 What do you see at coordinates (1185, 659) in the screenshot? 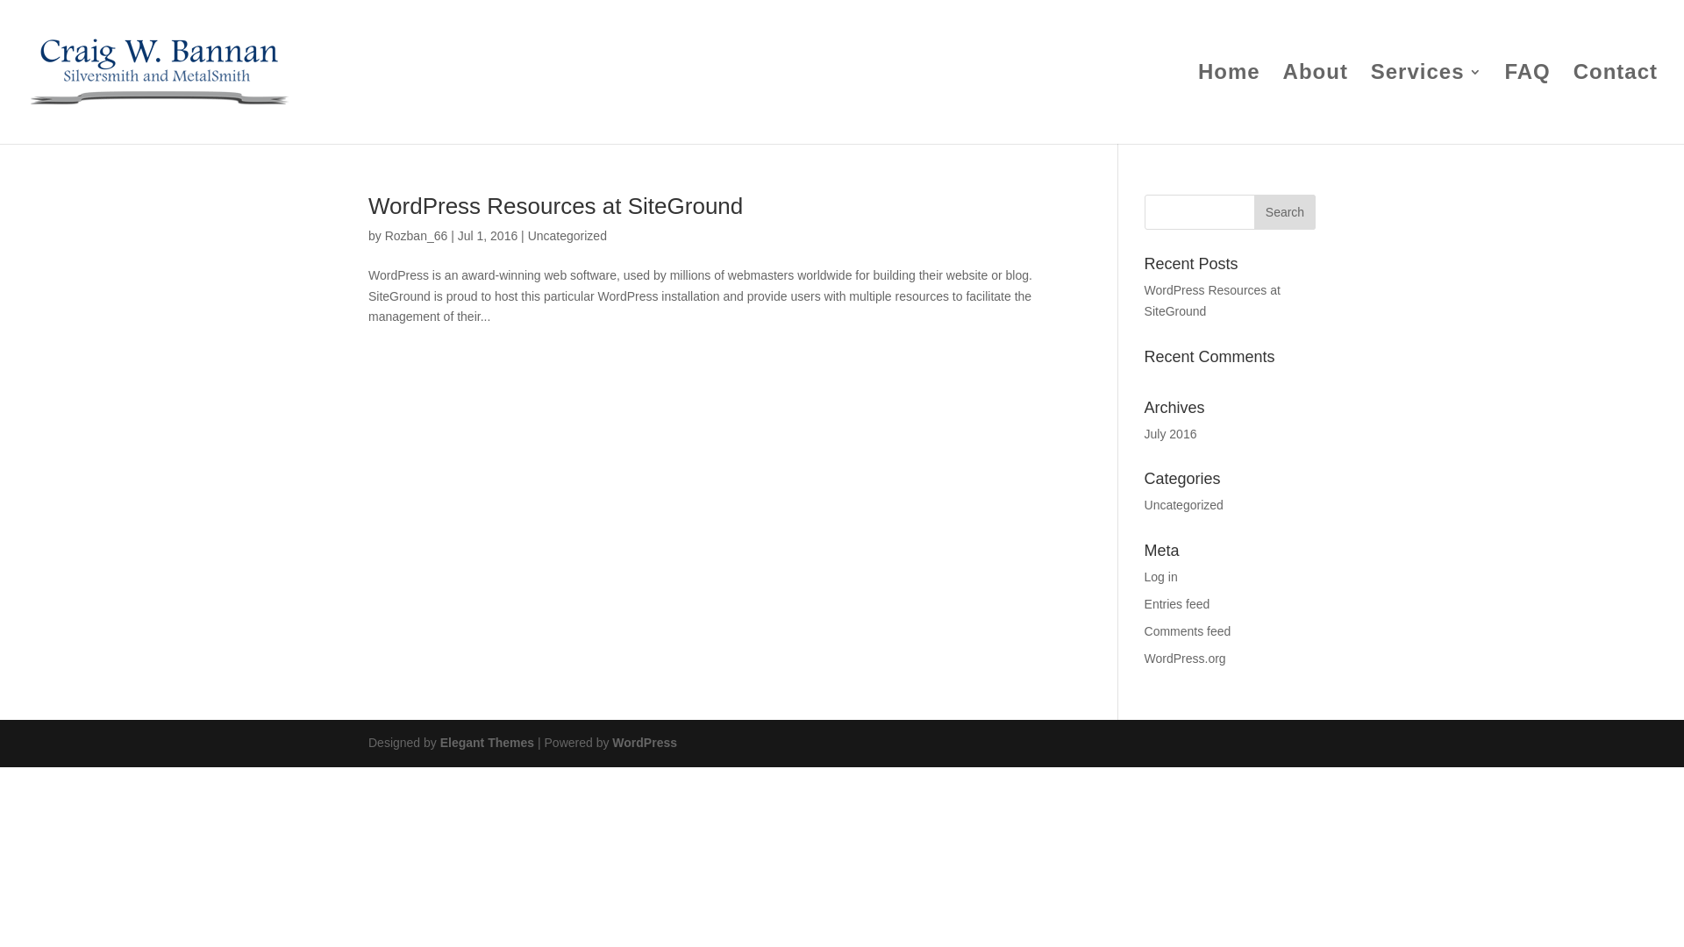
I see `'WordPress.org'` at bounding box center [1185, 659].